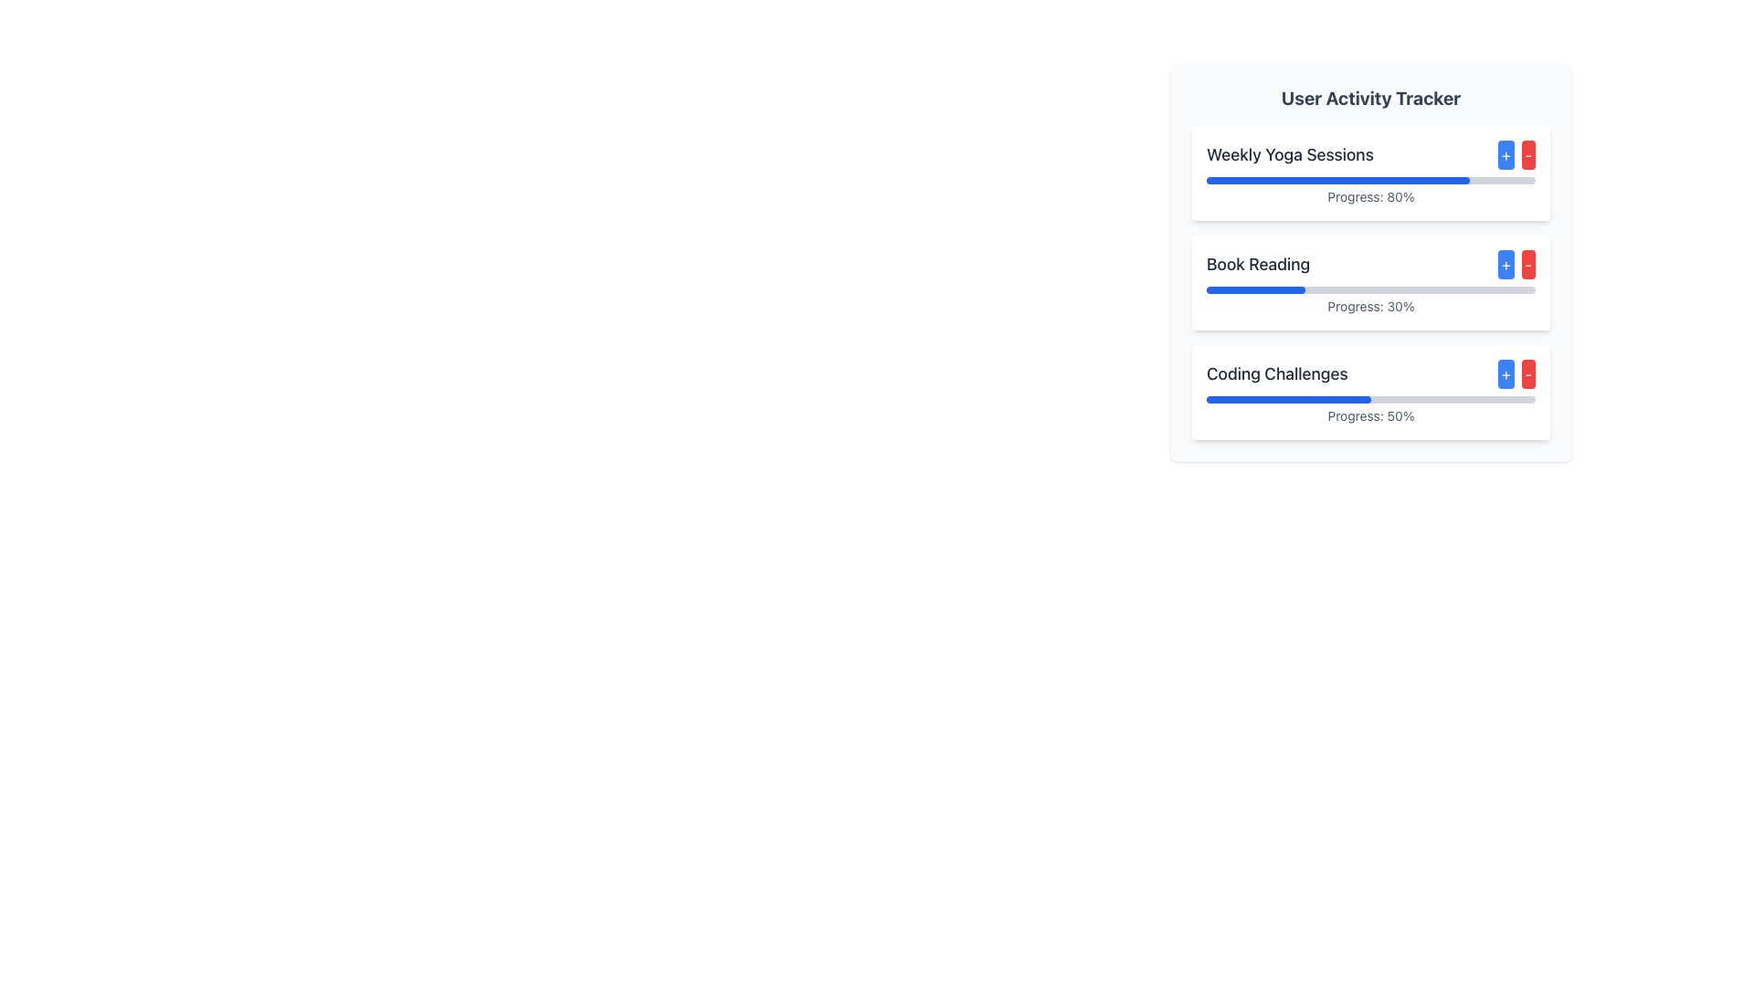 Image resolution: width=1754 pixels, height=986 pixels. What do you see at coordinates (1371, 305) in the screenshot?
I see `the label displaying the progress of an activity located below the progress bar in the 'Book Reading' card` at bounding box center [1371, 305].